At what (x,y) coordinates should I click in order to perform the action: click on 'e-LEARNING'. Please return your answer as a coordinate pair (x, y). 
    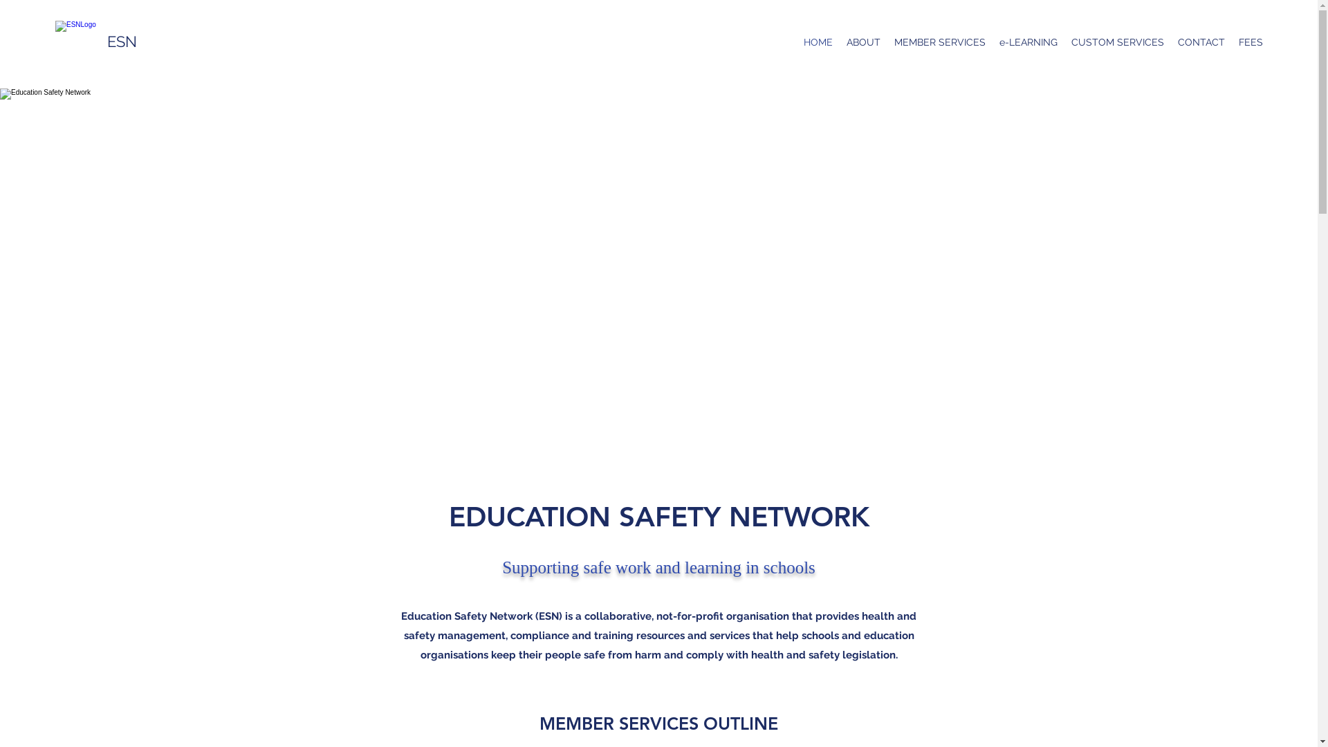
    Looking at the image, I should click on (1029, 41).